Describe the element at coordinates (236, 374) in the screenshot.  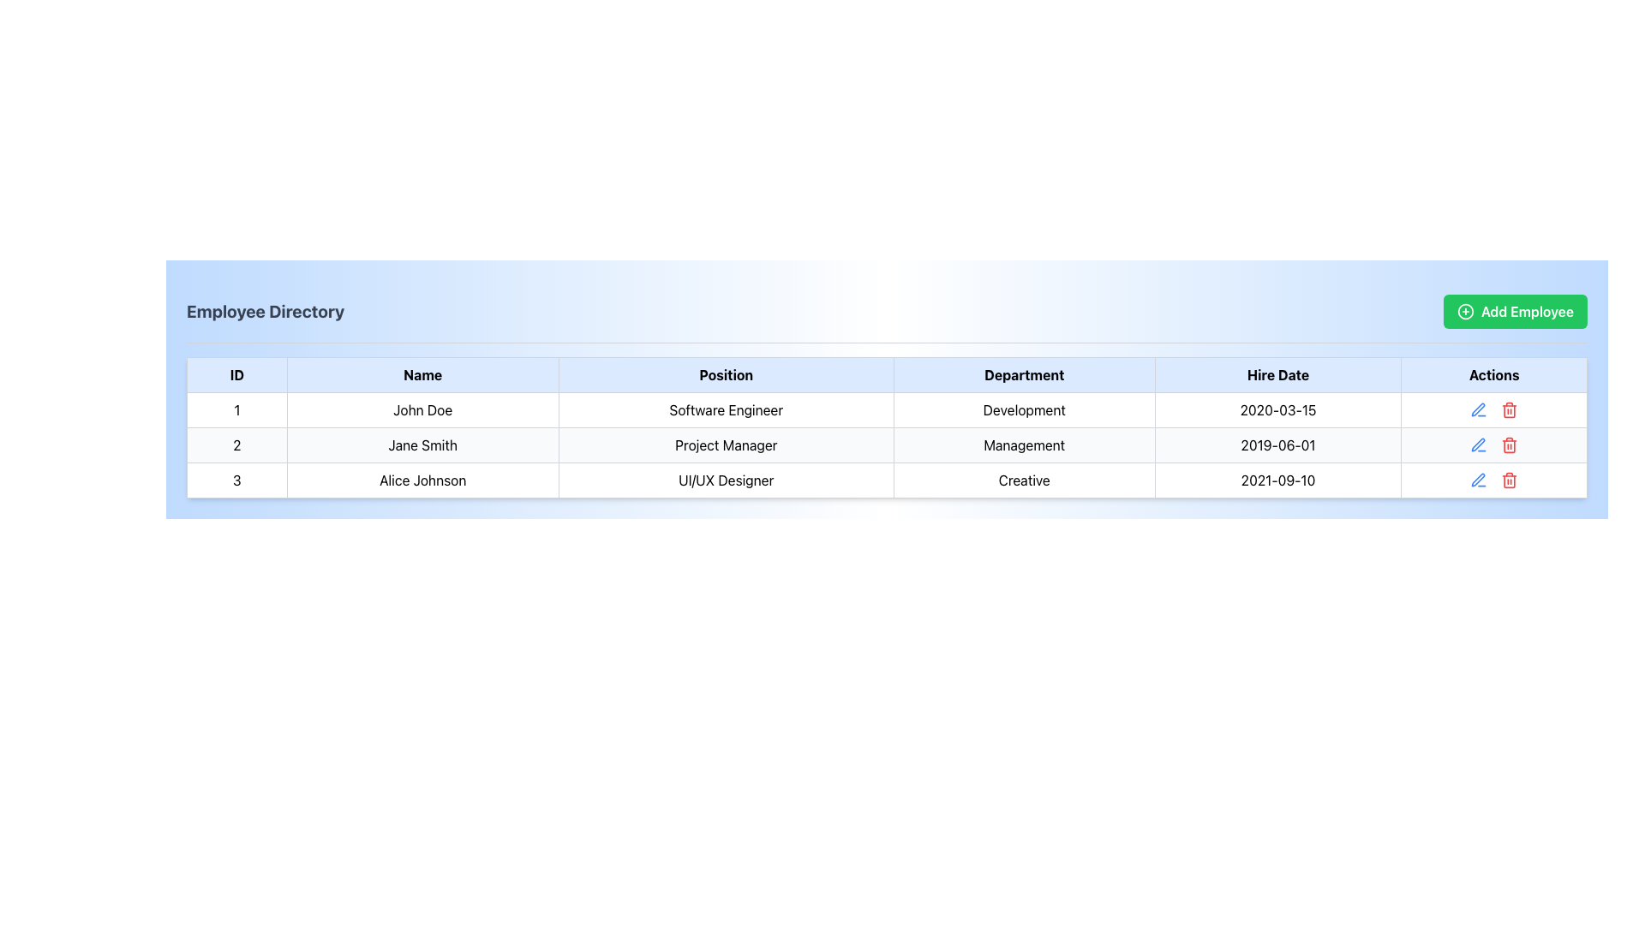
I see `the 'ID' table header element, which has a light blue background and is the first column header in the 'Employee Directory' section` at that location.